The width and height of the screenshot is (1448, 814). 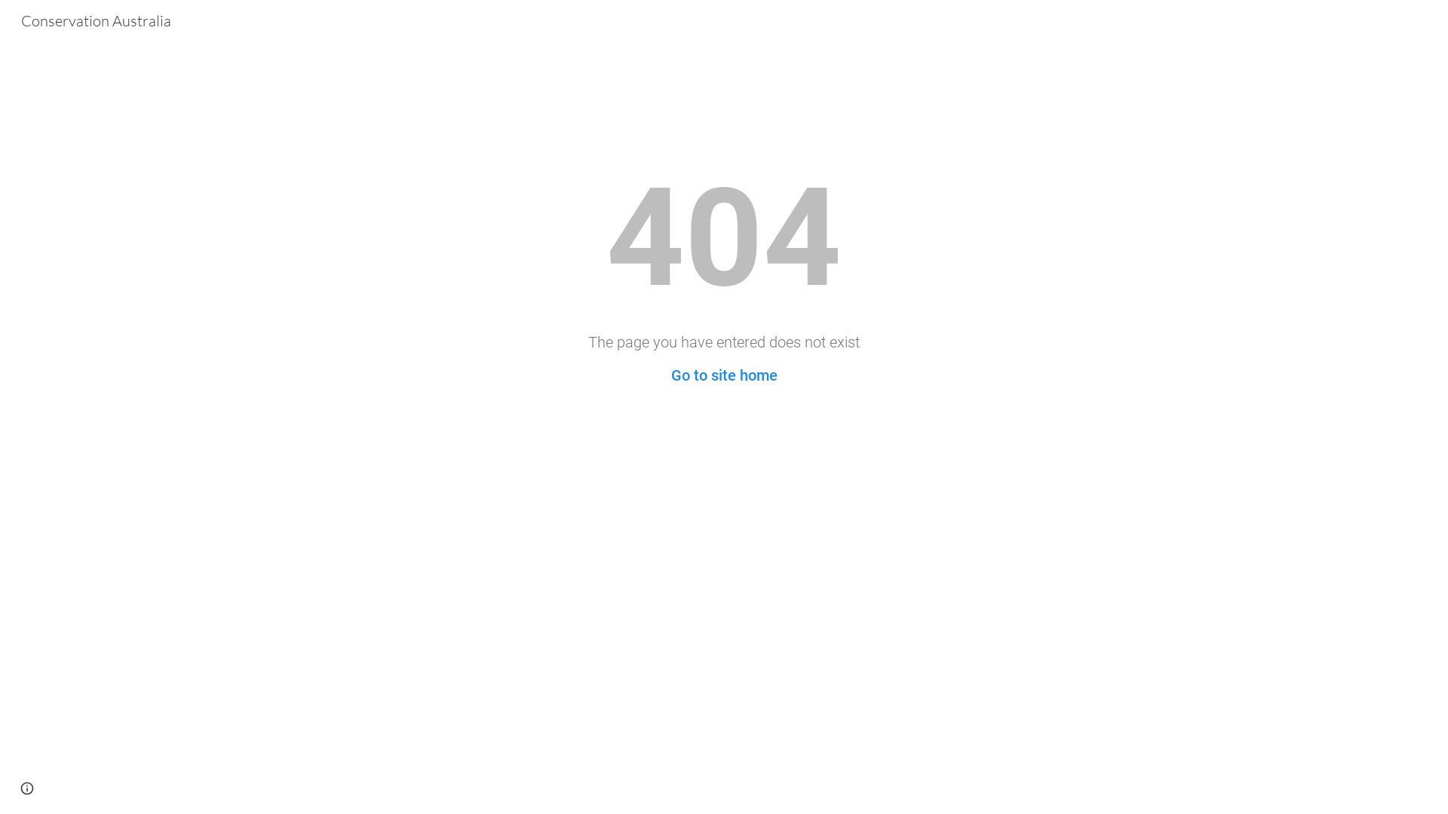 What do you see at coordinates (724, 374) in the screenshot?
I see `'Go to site home'` at bounding box center [724, 374].